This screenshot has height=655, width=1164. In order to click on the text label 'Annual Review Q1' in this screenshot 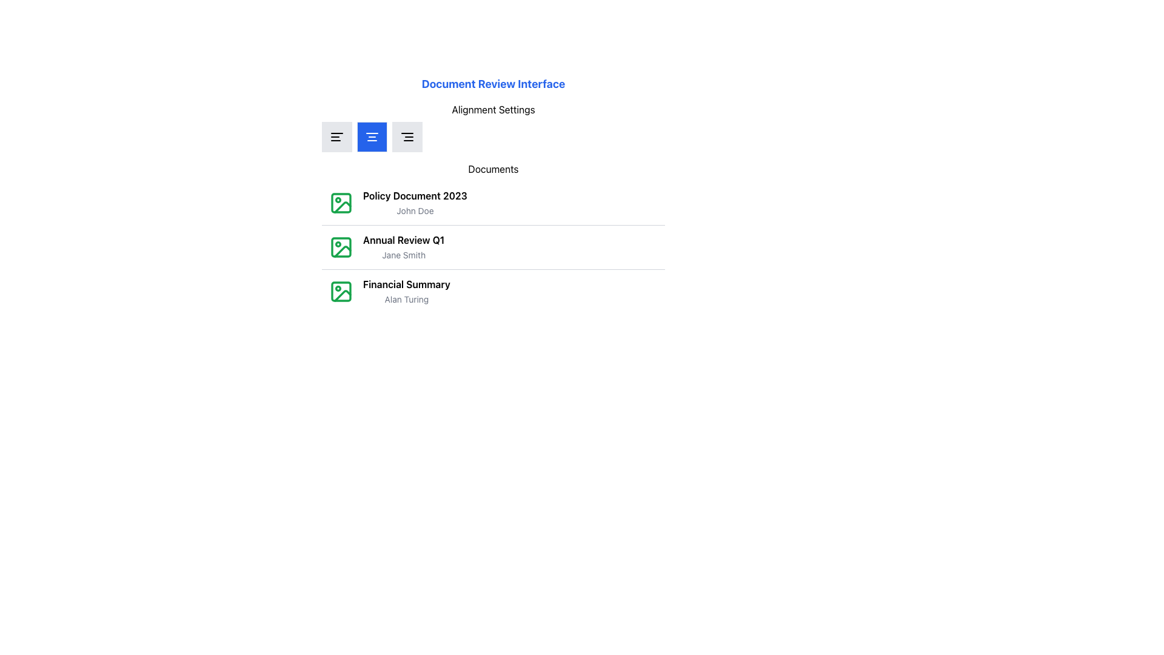, I will do `click(404, 240)`.